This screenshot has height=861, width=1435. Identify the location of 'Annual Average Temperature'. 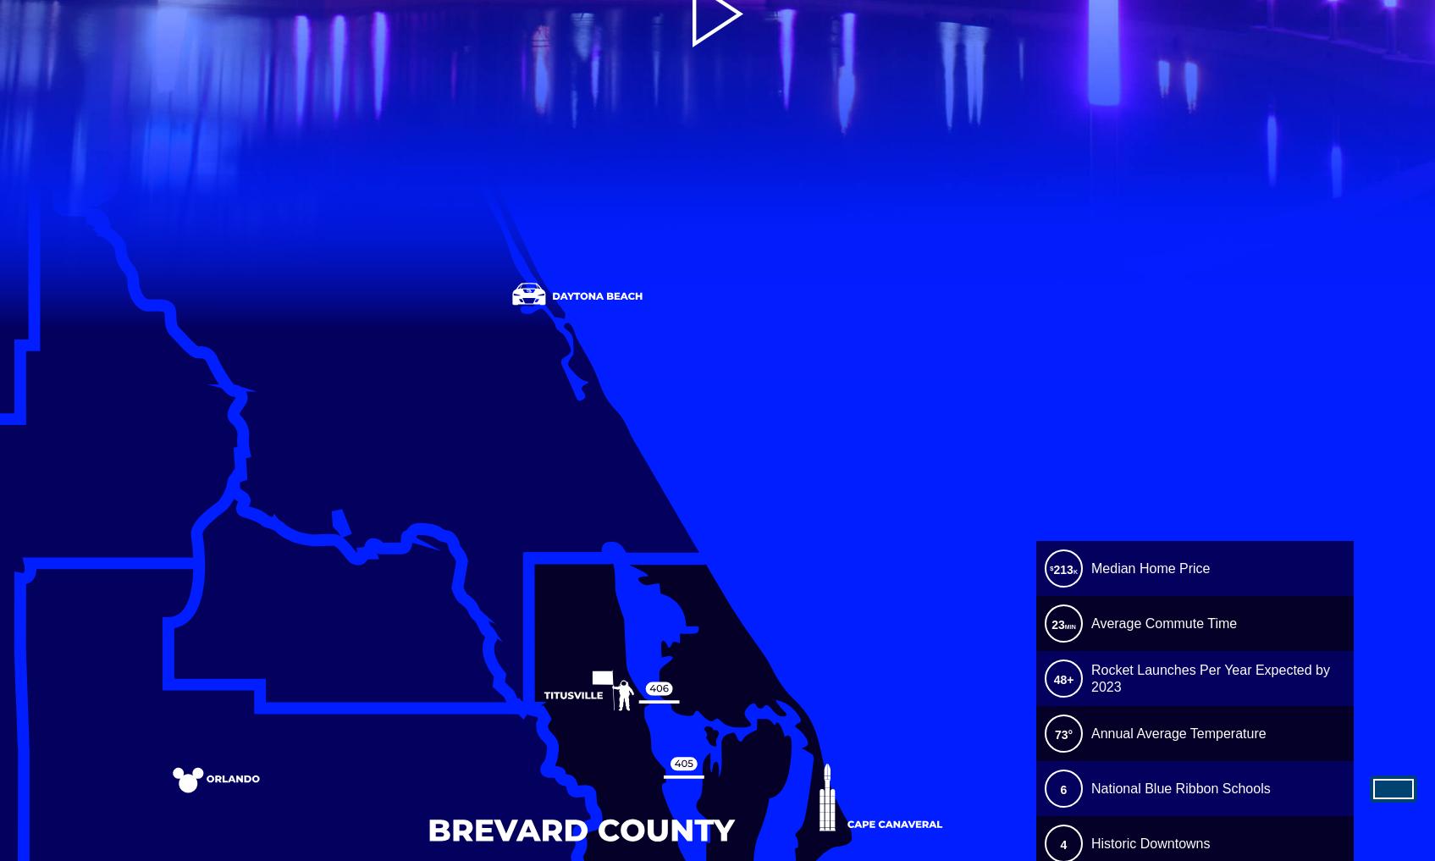
(1177, 733).